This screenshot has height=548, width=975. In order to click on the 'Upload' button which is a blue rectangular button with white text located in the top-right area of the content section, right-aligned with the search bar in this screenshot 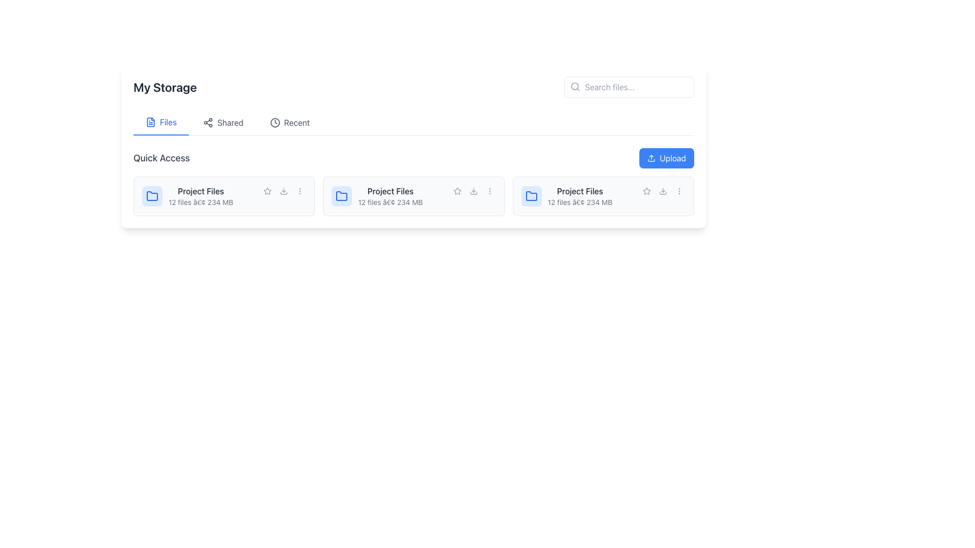, I will do `click(672, 158)`.